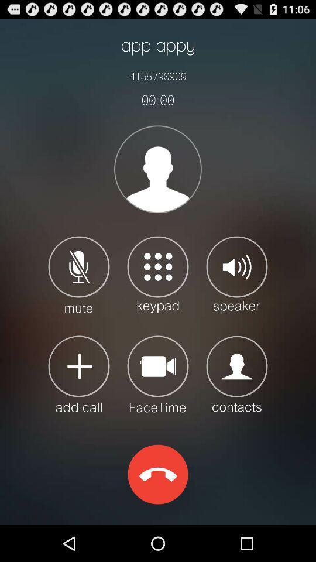  What do you see at coordinates (158, 274) in the screenshot?
I see `open keypad` at bounding box center [158, 274].